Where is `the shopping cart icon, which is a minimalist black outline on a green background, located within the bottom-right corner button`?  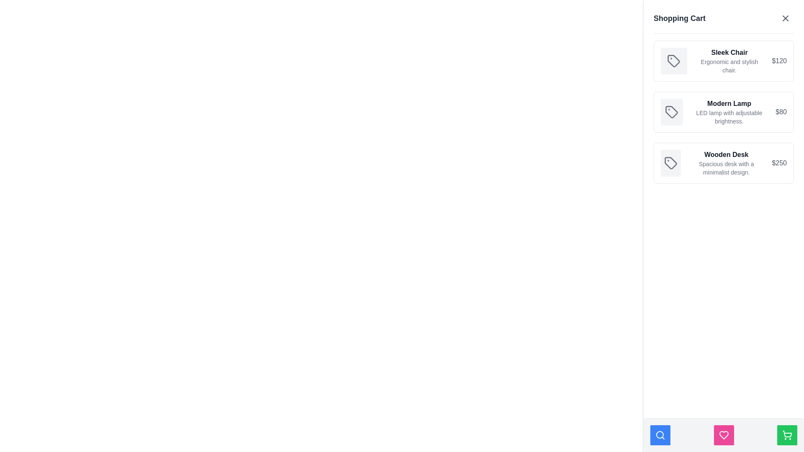 the shopping cart icon, which is a minimalist black outline on a green background, located within the bottom-right corner button is located at coordinates (787, 435).